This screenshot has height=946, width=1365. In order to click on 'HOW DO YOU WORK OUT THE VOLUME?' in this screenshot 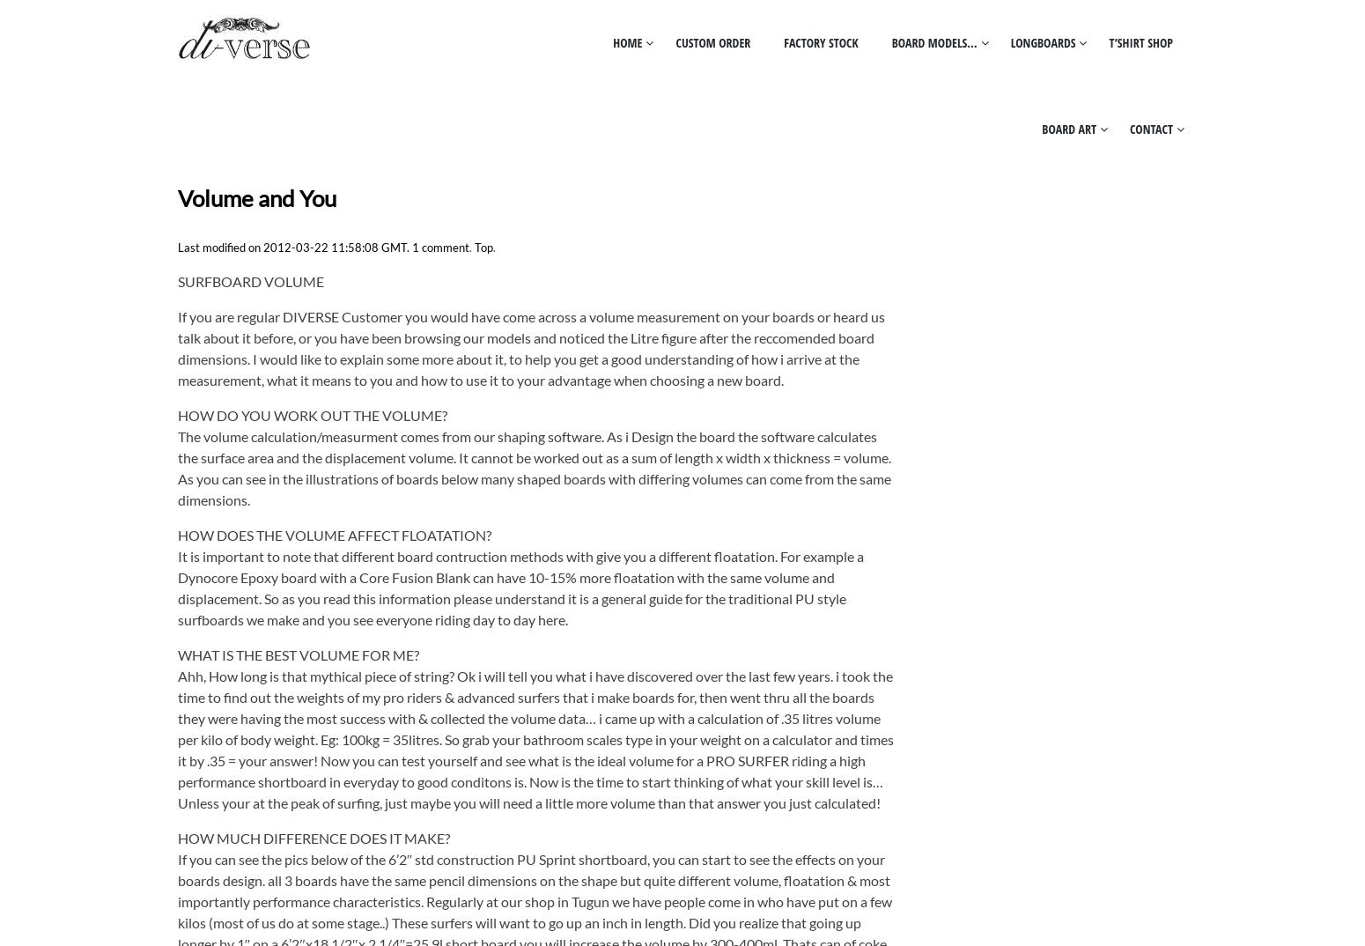, I will do `click(176, 414)`.